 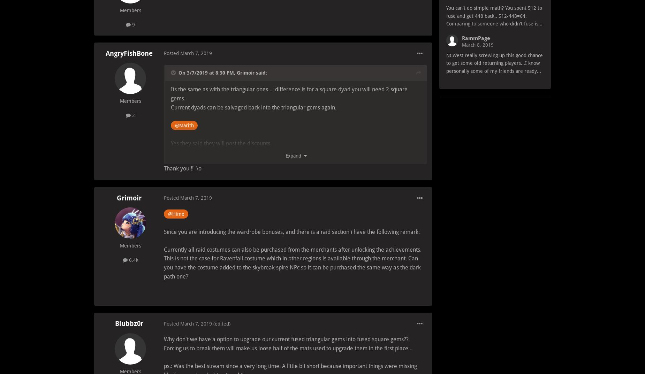 What do you see at coordinates (132, 24) in the screenshot?
I see `'9'` at bounding box center [132, 24].